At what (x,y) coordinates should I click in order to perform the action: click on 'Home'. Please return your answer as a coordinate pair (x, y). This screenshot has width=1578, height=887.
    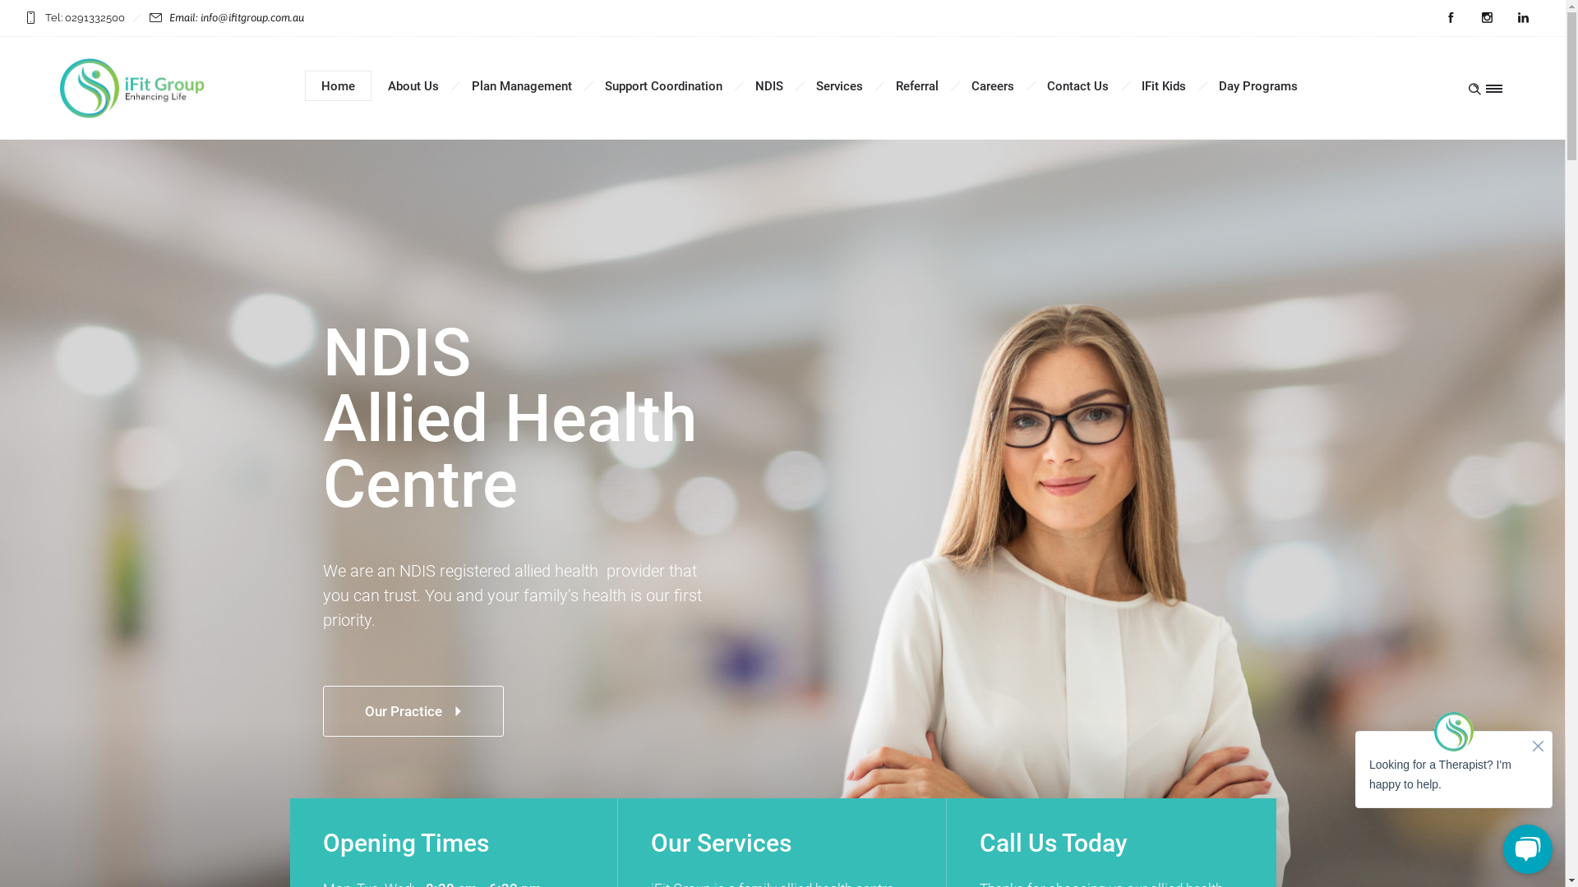
    Looking at the image, I should click on (304, 85).